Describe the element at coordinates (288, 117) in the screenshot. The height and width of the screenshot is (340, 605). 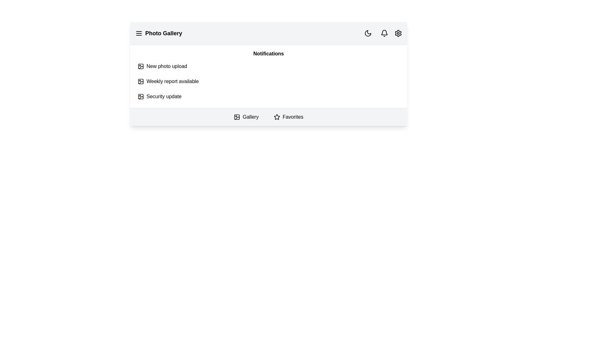
I see `the 'Favorites' button to navigate to the Favorites section` at that location.